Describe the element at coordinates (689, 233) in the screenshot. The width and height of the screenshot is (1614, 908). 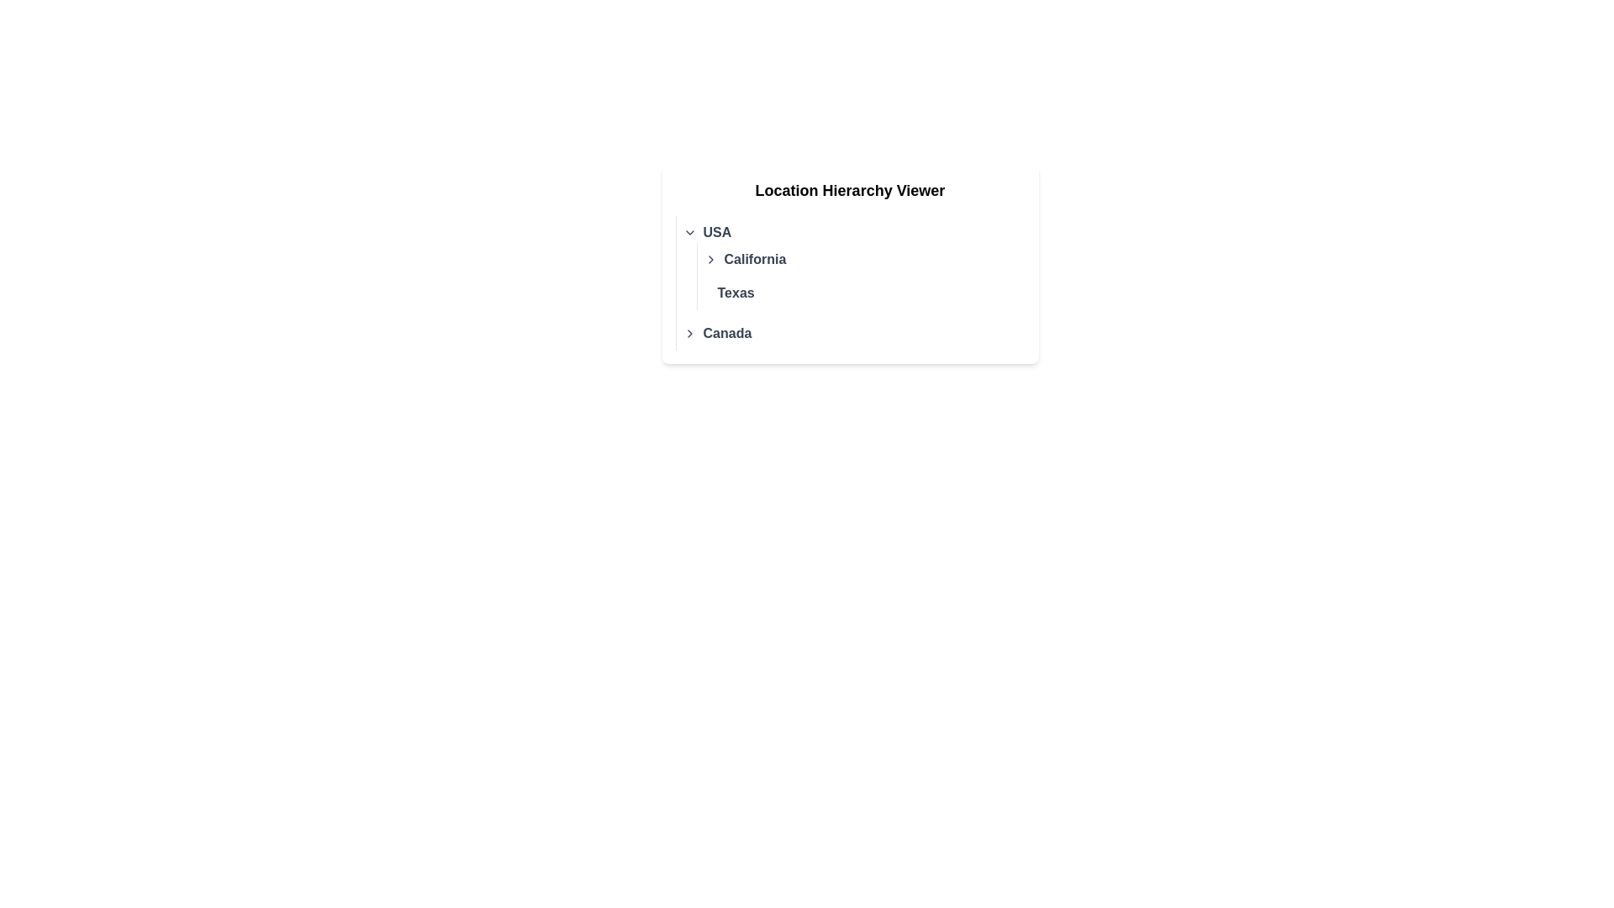
I see `the small downward-pointing chevron icon` at that location.